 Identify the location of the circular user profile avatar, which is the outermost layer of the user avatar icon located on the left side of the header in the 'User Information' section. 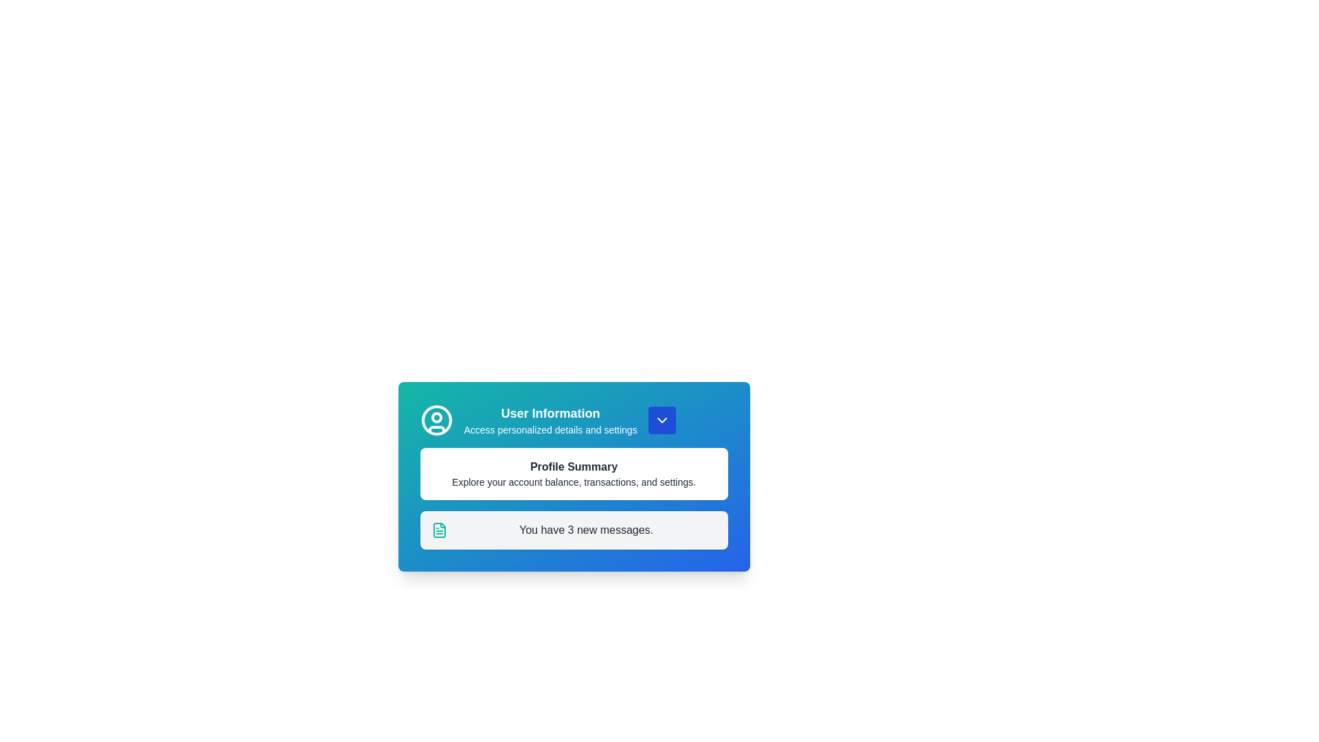
(436, 420).